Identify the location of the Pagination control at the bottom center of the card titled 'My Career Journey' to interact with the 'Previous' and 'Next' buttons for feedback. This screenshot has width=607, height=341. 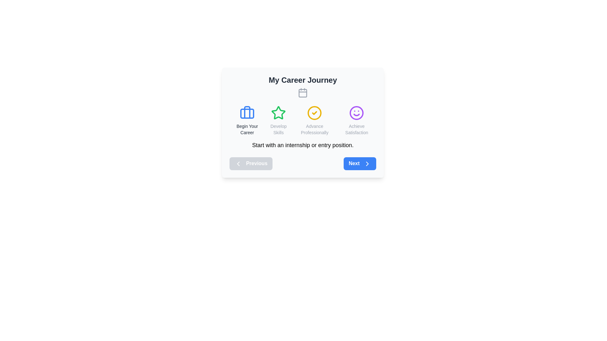
(303, 163).